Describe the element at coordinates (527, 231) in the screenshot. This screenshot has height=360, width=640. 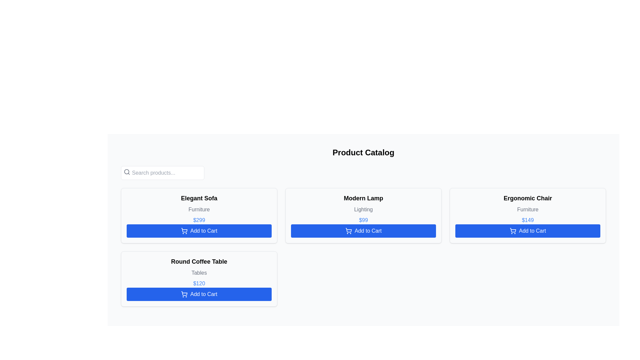
I see `the 'Add to Cart' button with a blue background and white text in the 'Ergonomic Chair' section to change its background color to a darker shade` at that location.